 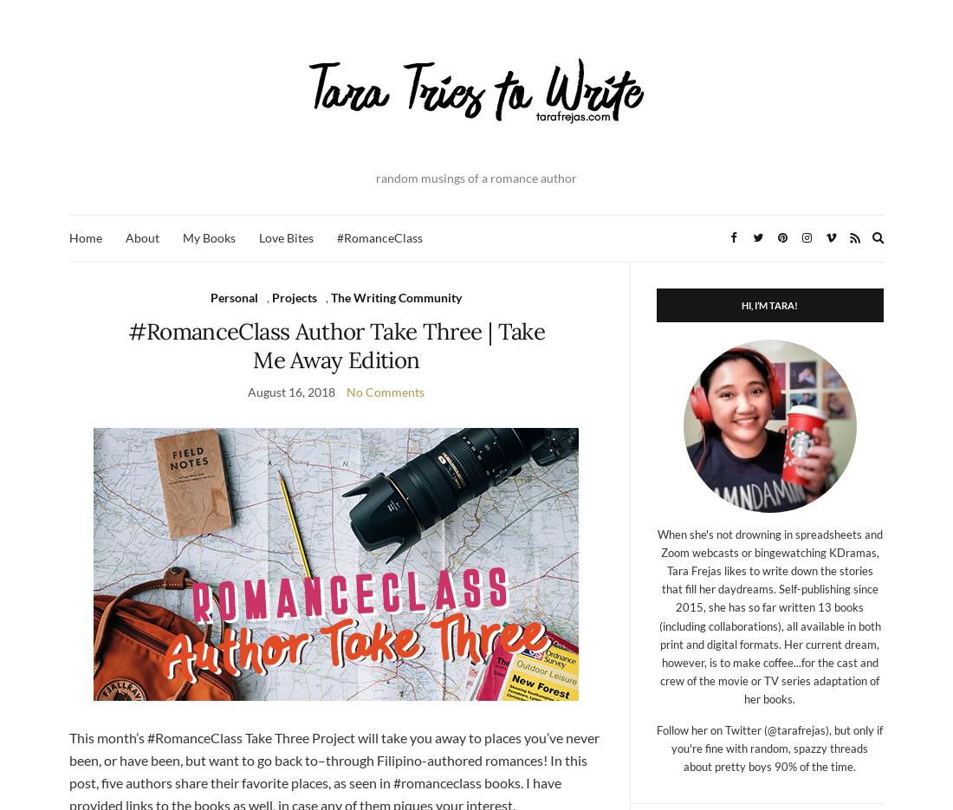 What do you see at coordinates (768, 303) in the screenshot?
I see `'HI, I’M TARA!'` at bounding box center [768, 303].